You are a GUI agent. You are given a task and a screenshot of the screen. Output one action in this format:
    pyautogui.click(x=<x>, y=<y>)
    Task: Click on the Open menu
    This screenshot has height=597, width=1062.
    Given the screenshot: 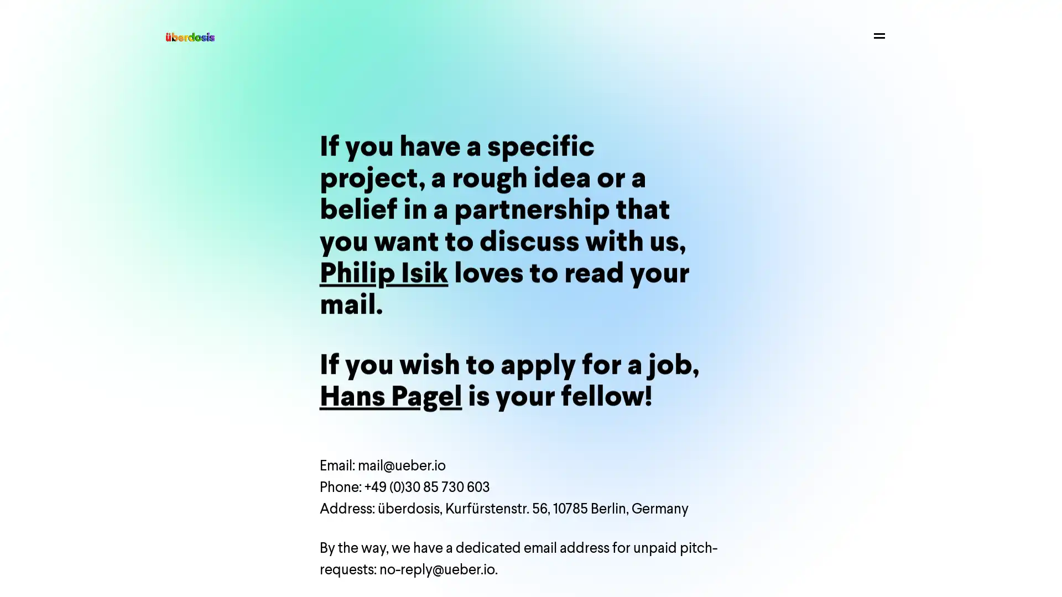 What is the action you would take?
    pyautogui.click(x=878, y=35)
    